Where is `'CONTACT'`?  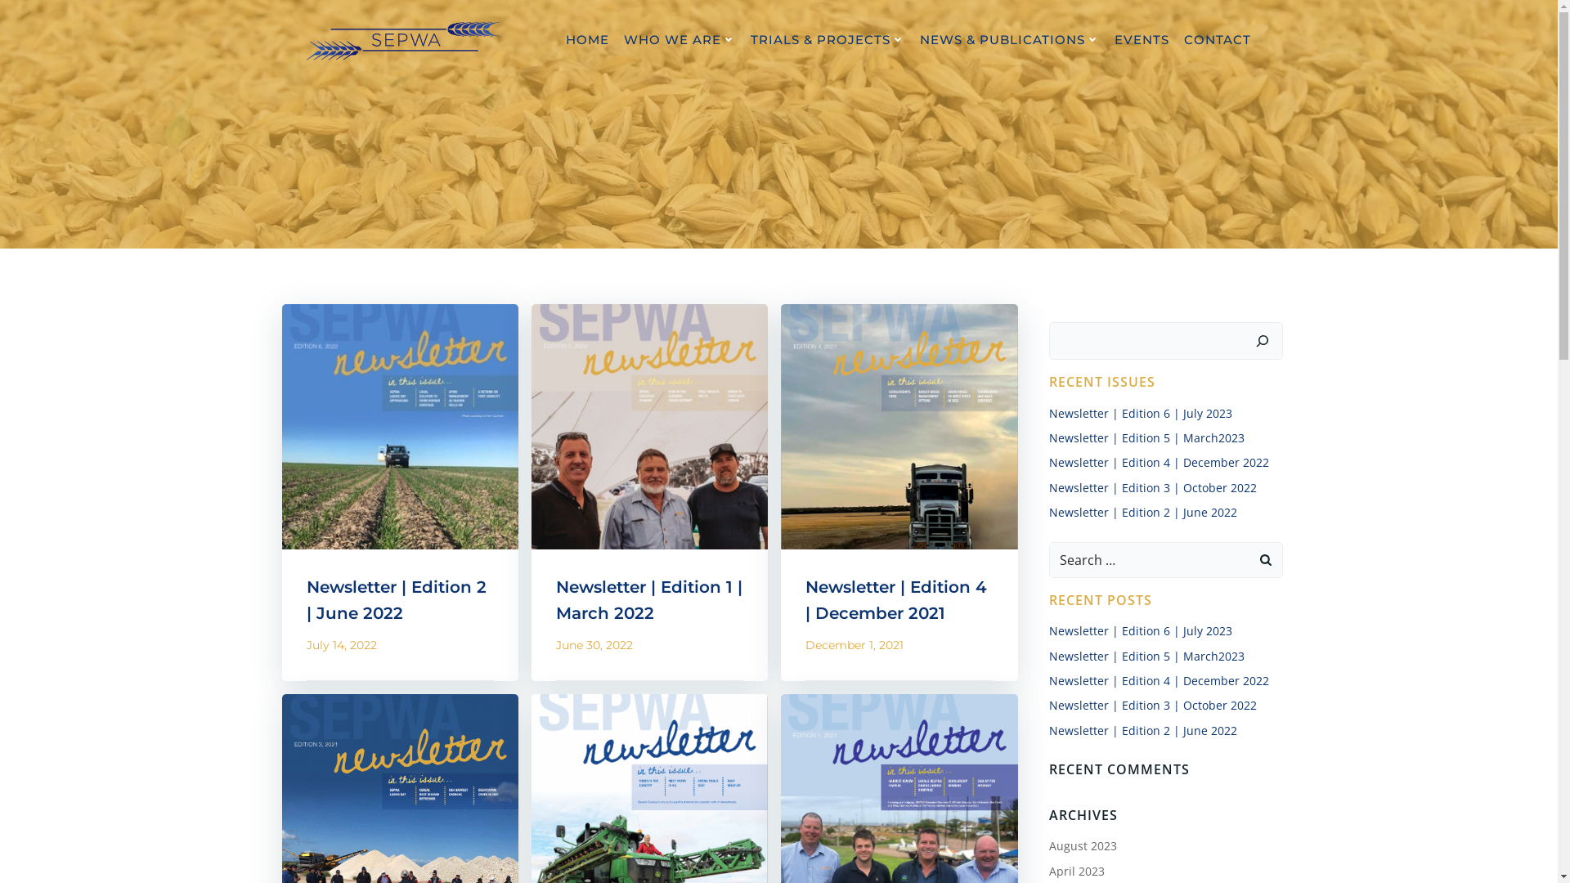
'CONTACT' is located at coordinates (1217, 39).